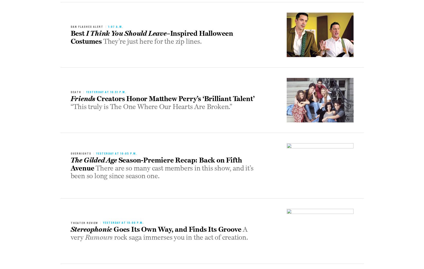 The width and height of the screenshot is (424, 269). I want to click on '1:07 a.m.', so click(115, 26).